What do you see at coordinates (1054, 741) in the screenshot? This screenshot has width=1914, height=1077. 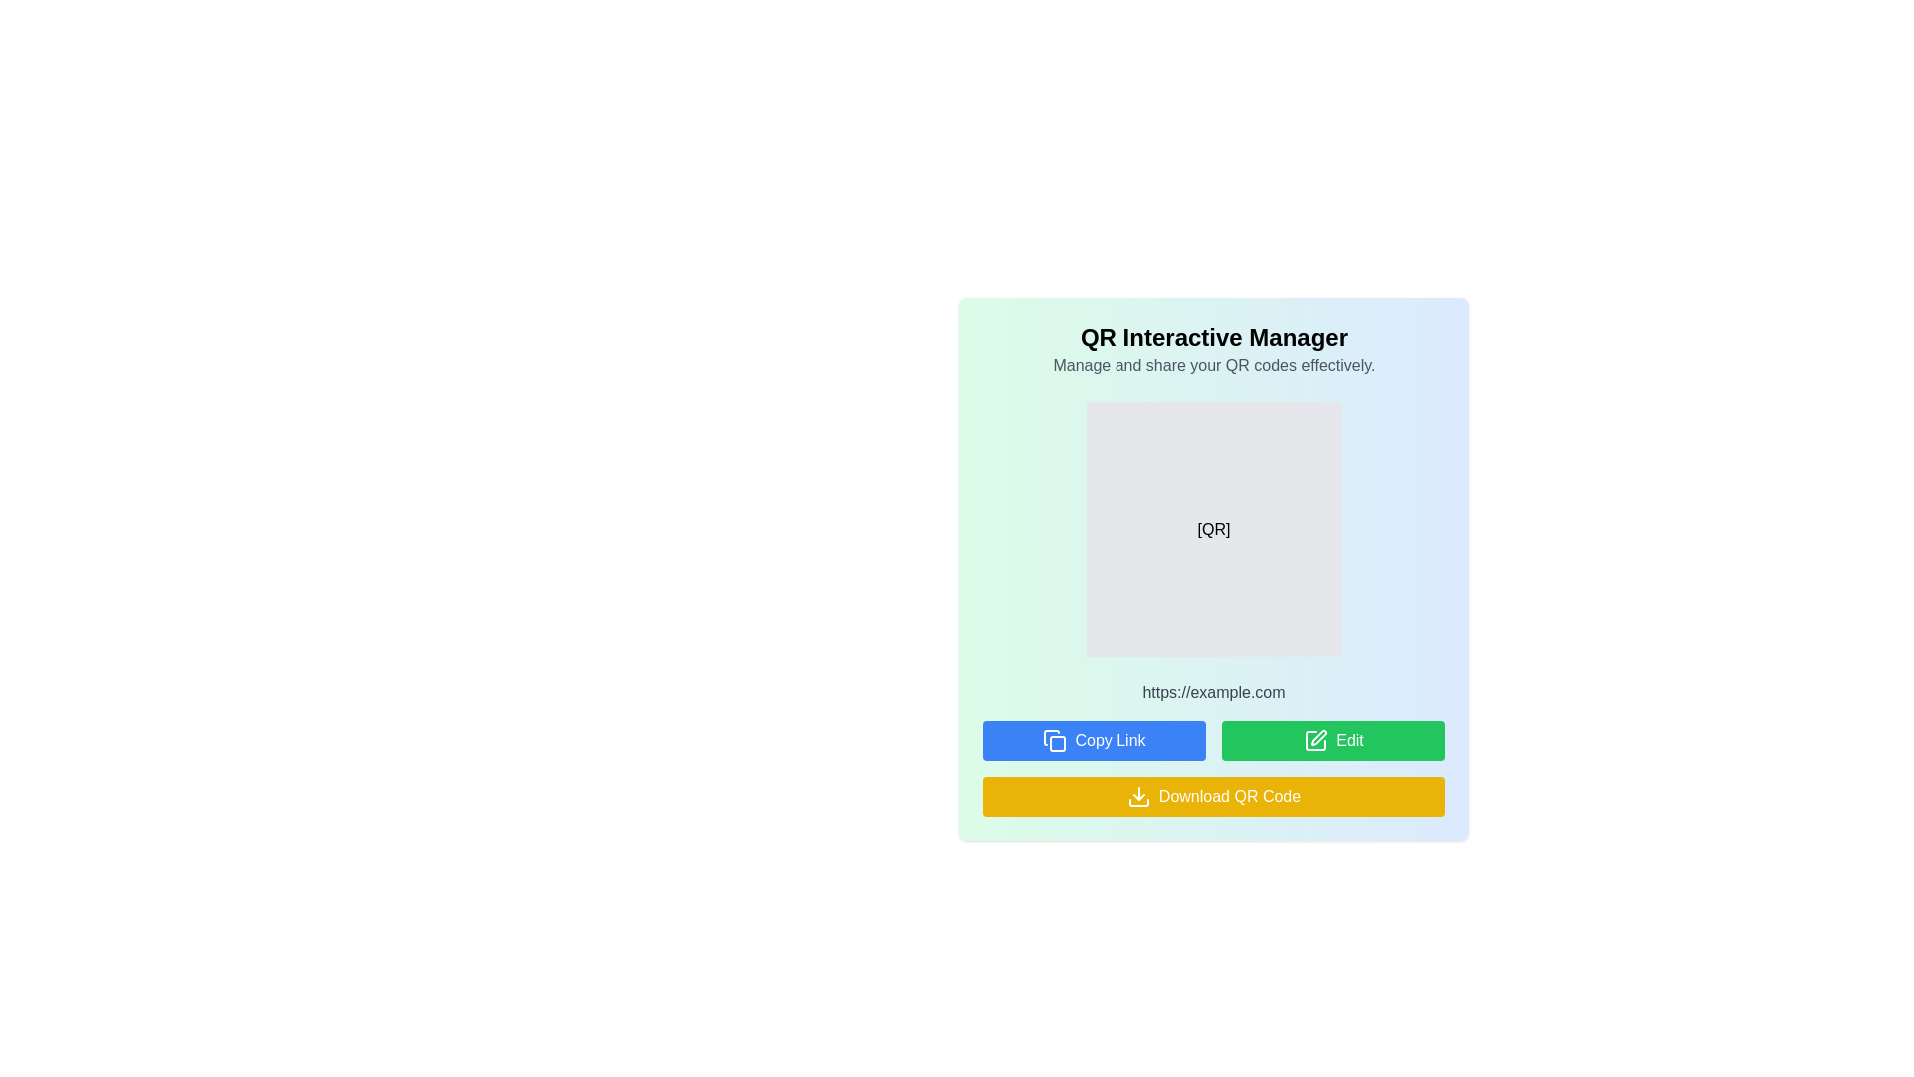 I see `the small square-shaped icon that resembles two overlapping rectangles, located within the blue 'Copy Link' button, positioned to the left of the text label` at bounding box center [1054, 741].